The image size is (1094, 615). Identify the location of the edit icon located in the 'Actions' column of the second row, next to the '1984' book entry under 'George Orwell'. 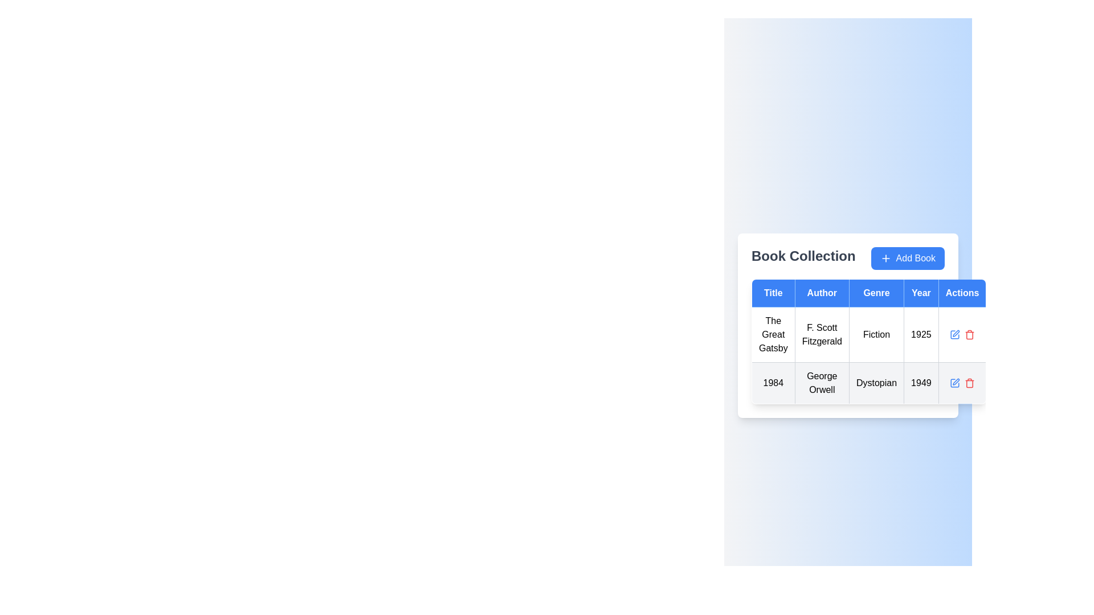
(956, 333).